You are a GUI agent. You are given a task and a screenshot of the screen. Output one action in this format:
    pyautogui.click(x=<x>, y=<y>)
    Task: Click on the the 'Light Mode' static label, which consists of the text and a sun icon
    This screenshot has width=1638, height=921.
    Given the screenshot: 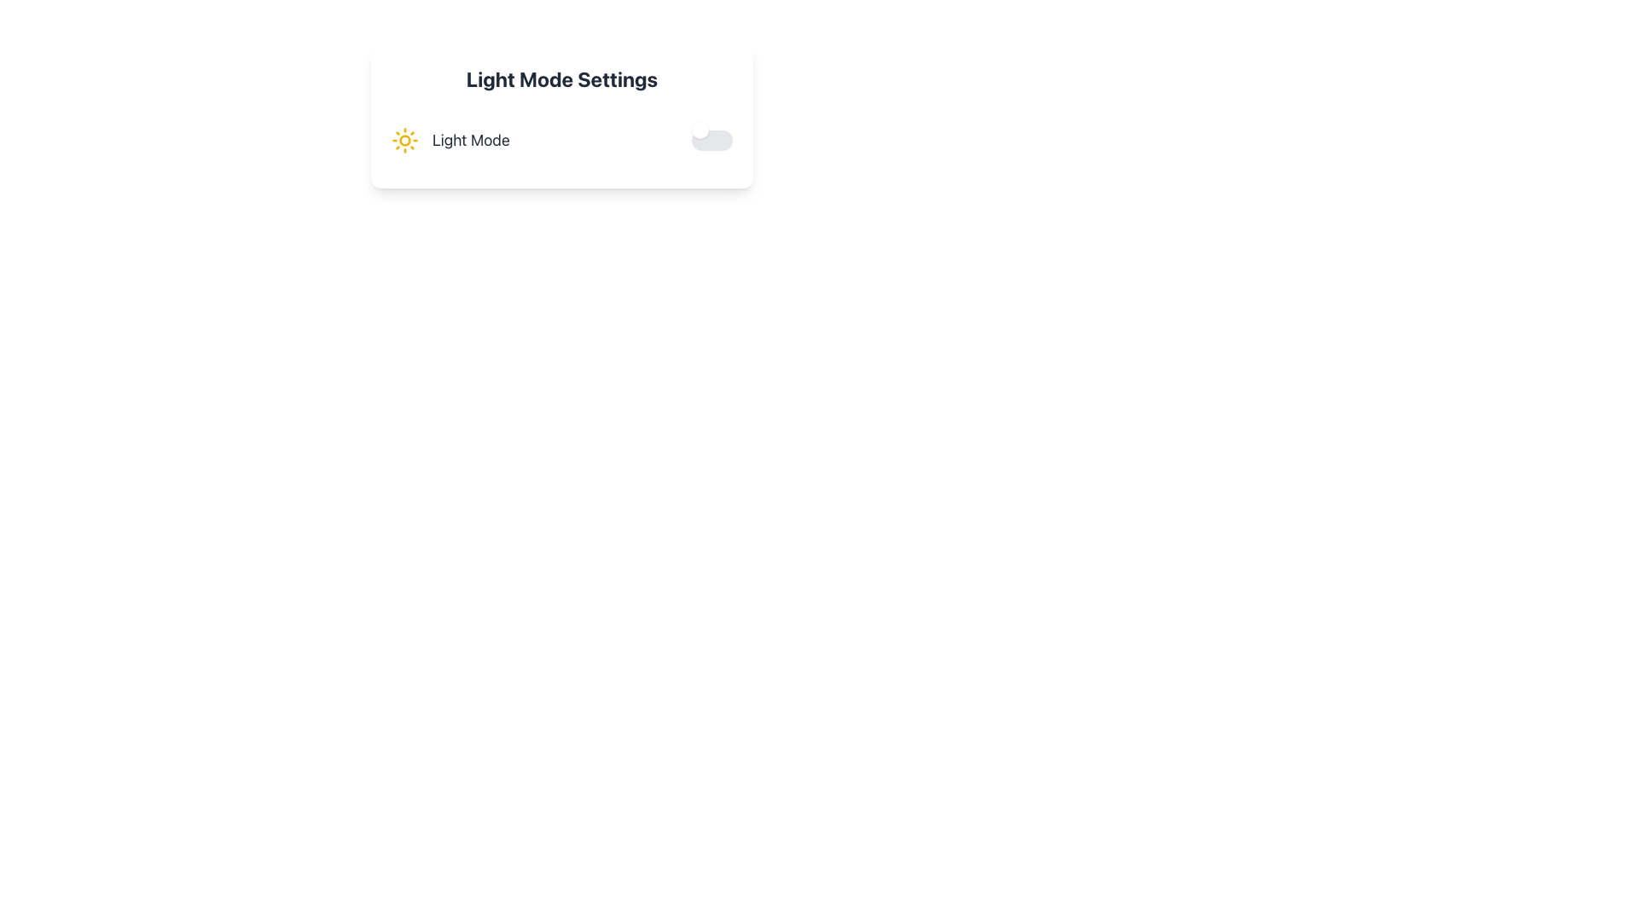 What is the action you would take?
    pyautogui.click(x=450, y=140)
    